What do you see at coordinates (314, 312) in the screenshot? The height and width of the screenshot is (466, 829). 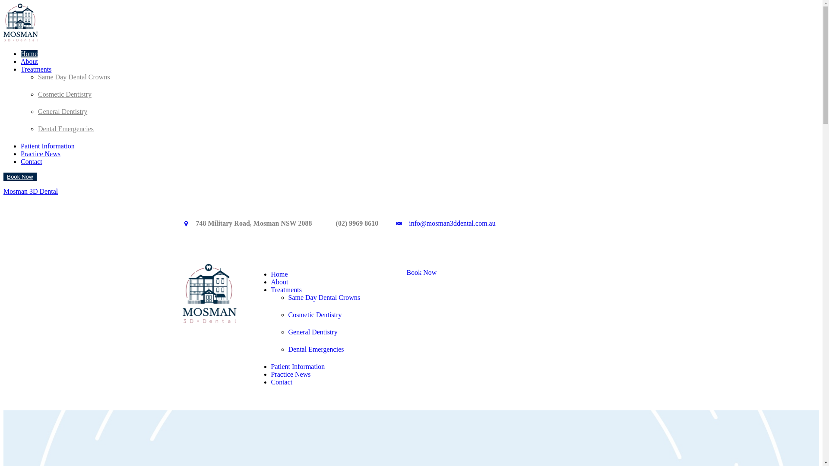 I see `'Cosmetic Dentistry'` at bounding box center [314, 312].